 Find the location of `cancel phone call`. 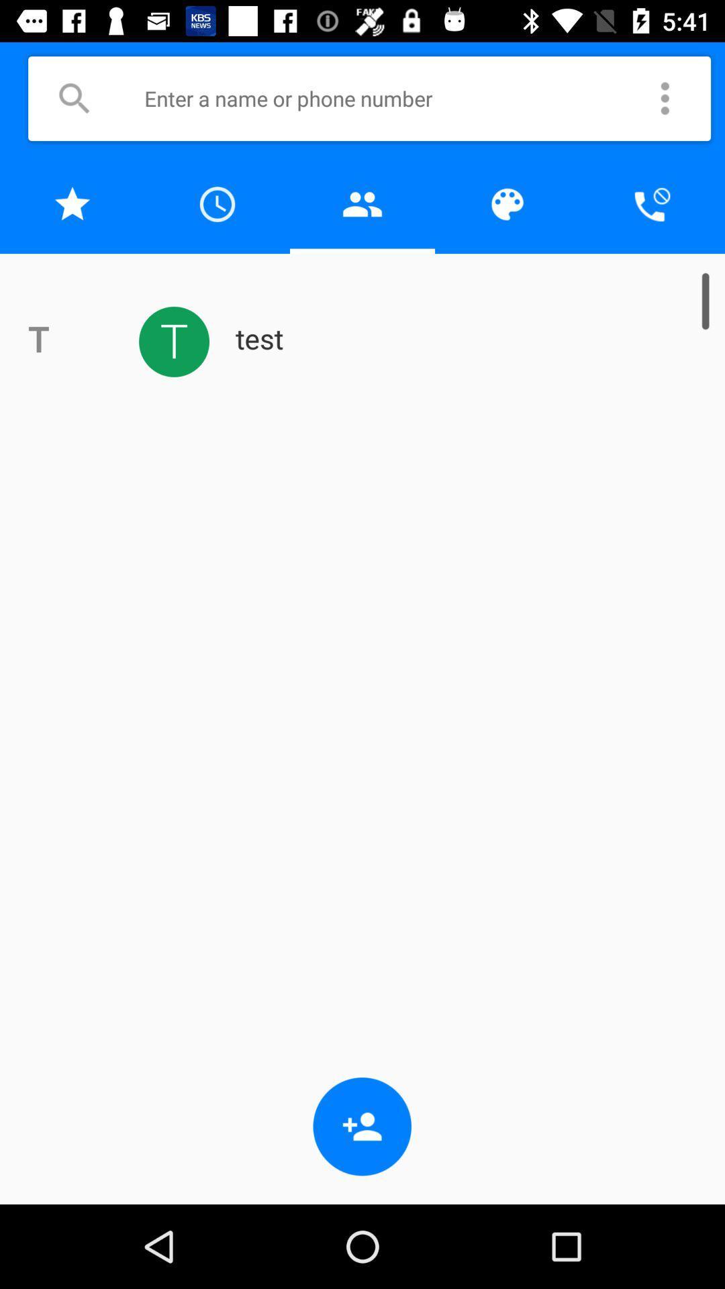

cancel phone call is located at coordinates (652, 203).